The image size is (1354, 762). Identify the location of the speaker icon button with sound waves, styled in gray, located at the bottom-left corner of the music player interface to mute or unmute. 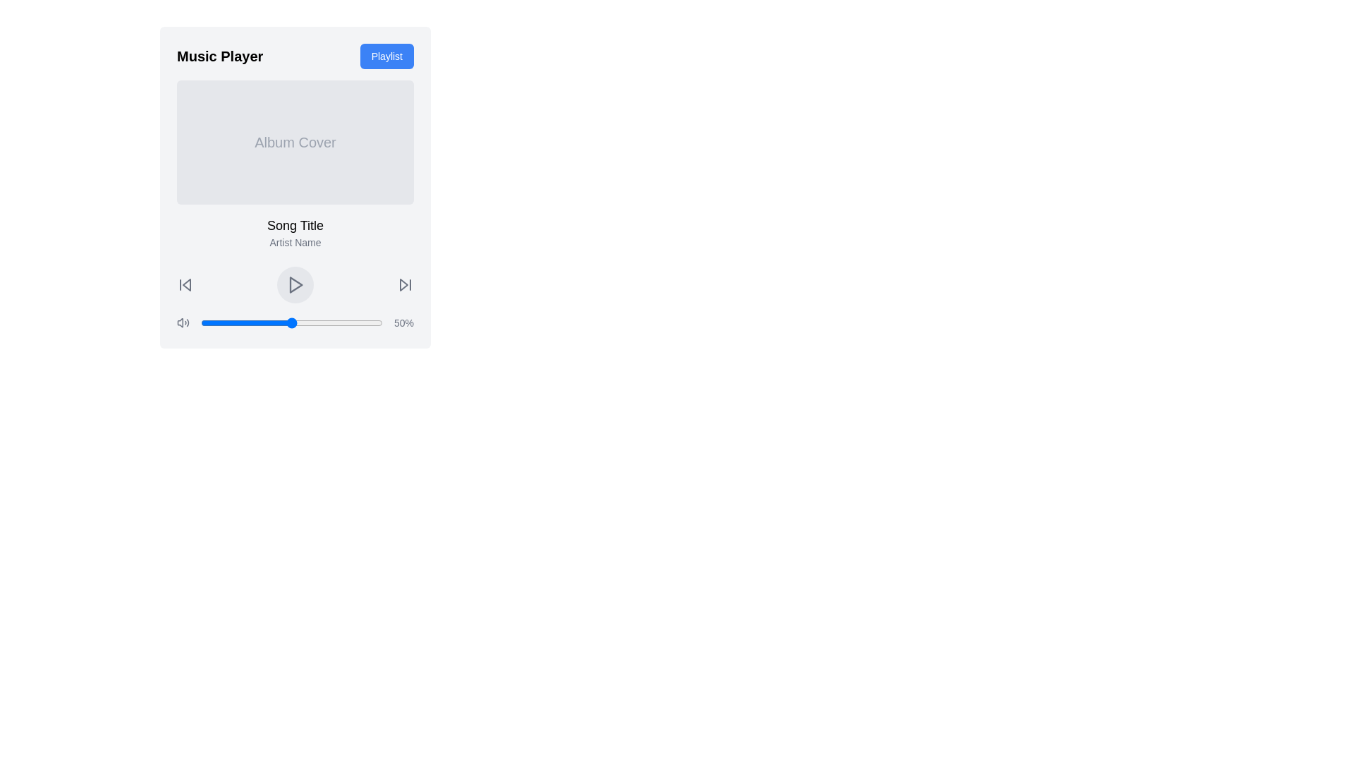
(183, 323).